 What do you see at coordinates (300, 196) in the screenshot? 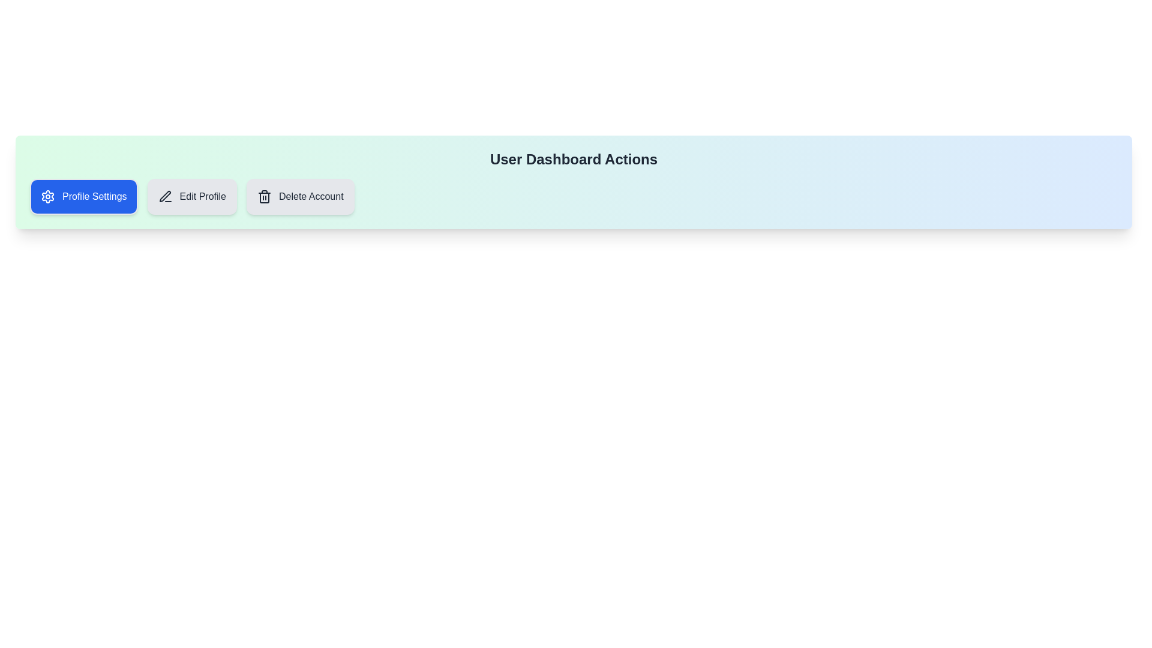
I see `the chip labeled Delete Account` at bounding box center [300, 196].